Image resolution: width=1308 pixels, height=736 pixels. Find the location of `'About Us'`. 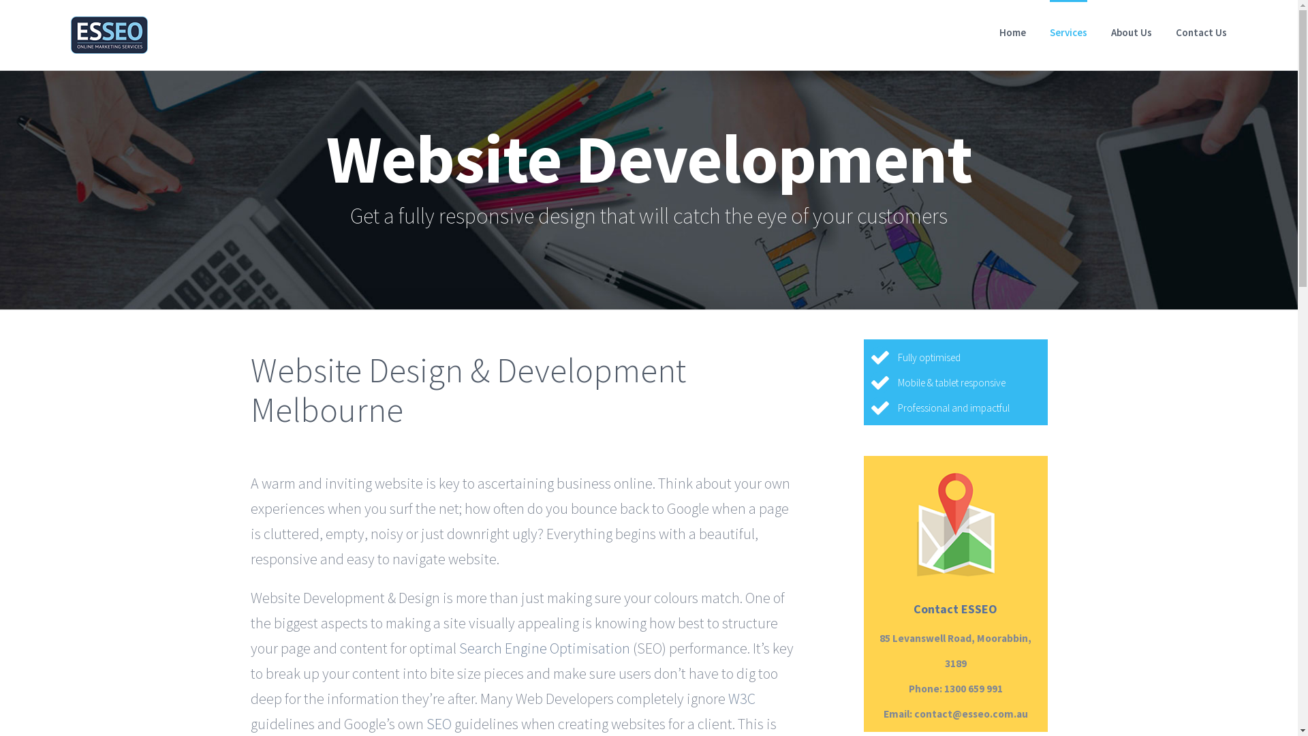

'About Us' is located at coordinates (1131, 31).